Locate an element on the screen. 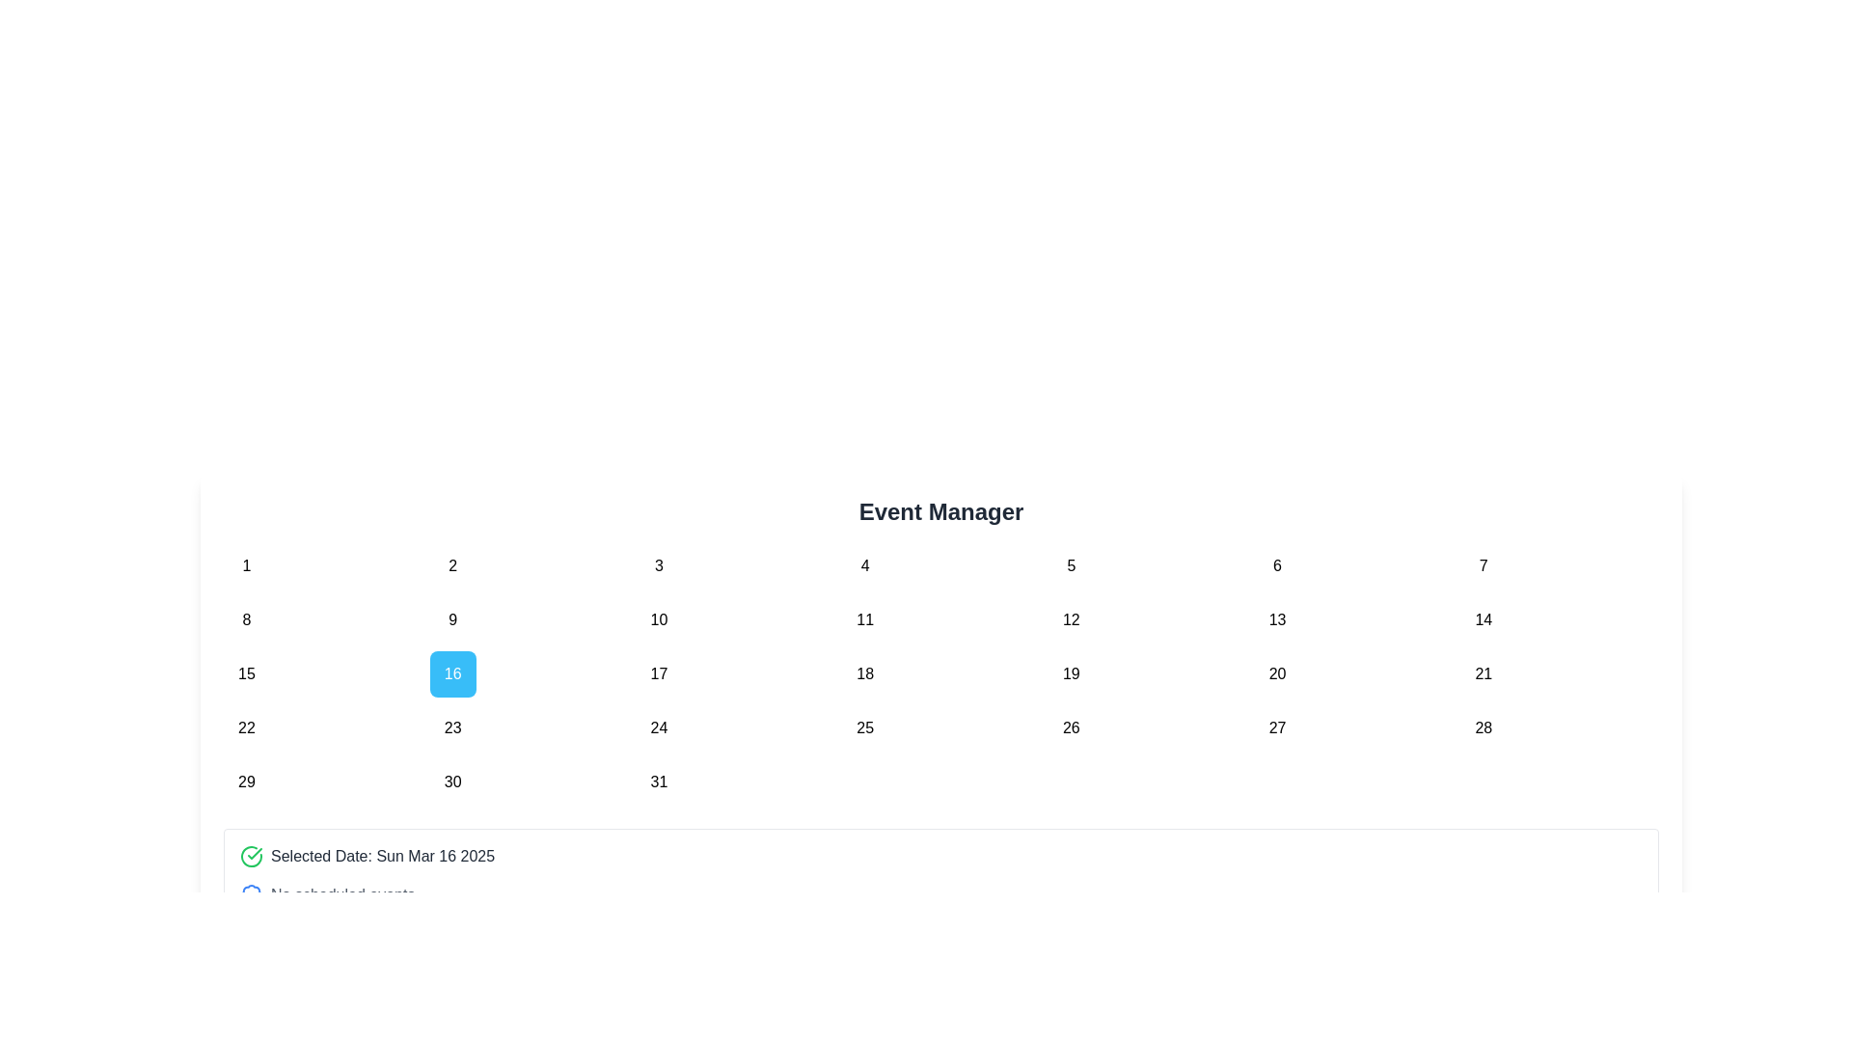  the button displaying the number '15' in the date picker calendar component is located at coordinates (245, 672).